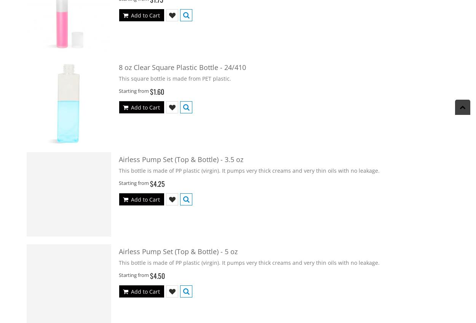 Image resolution: width=476 pixels, height=323 pixels. Describe the element at coordinates (157, 183) in the screenshot. I see `'$4.25'` at that location.